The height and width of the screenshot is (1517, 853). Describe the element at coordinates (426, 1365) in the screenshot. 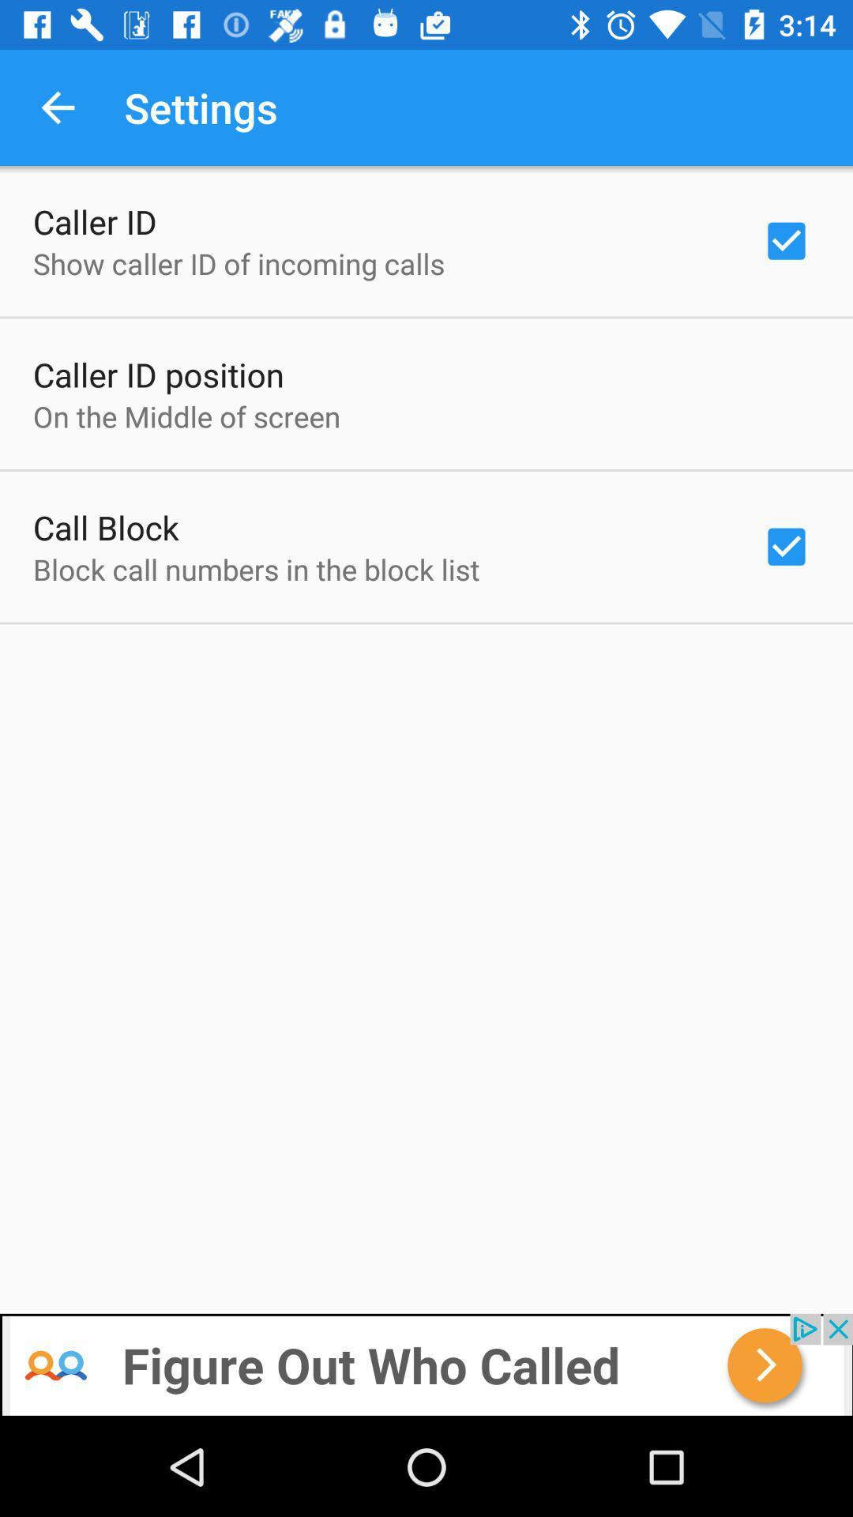

I see `for advertisement` at that location.